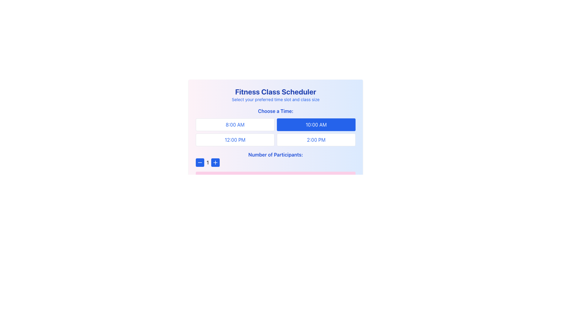  Describe the element at coordinates (275, 111) in the screenshot. I see `the text label stating 'Choose a Time:' which is styled with bold and blue text, located above the time selection grid` at that location.